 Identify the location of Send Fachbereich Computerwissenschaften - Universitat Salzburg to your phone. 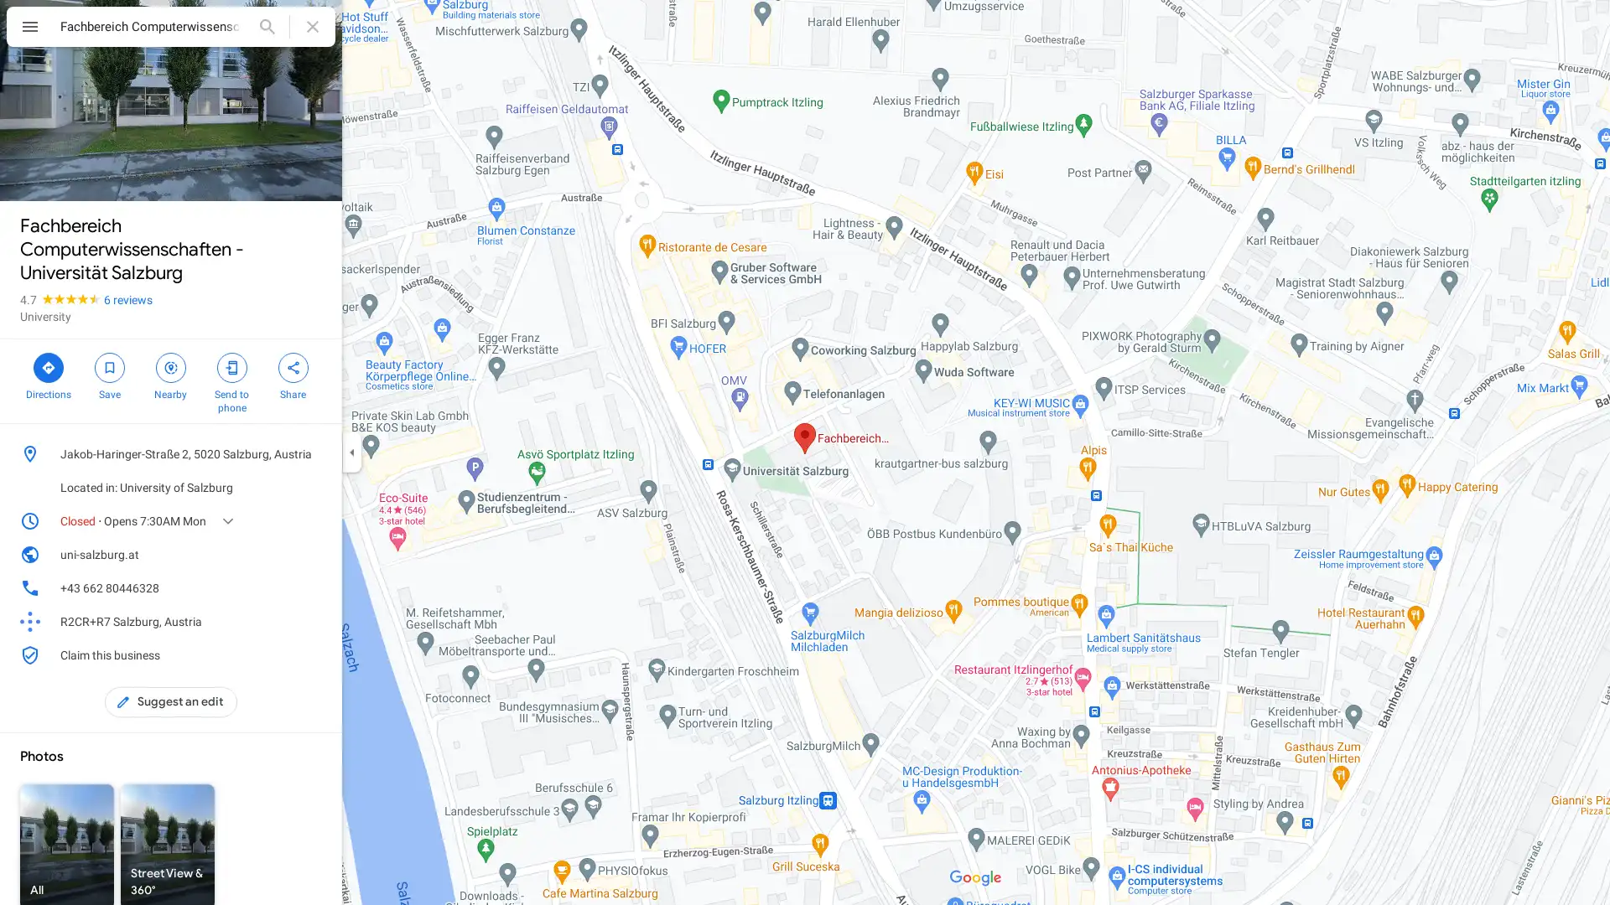
(231, 381).